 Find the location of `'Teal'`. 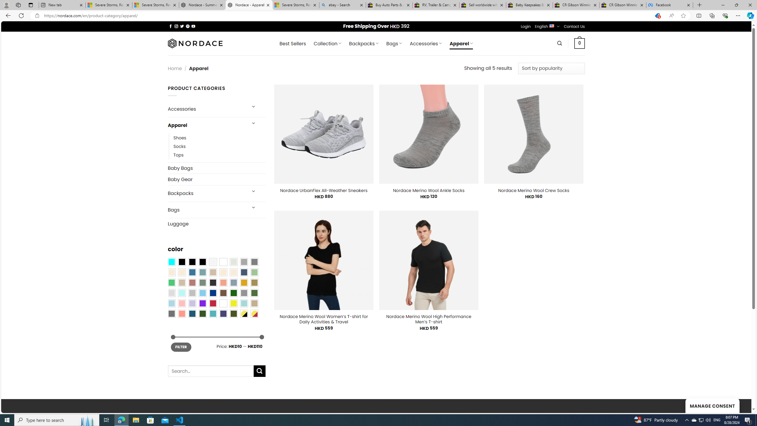

'Teal' is located at coordinates (212, 313).